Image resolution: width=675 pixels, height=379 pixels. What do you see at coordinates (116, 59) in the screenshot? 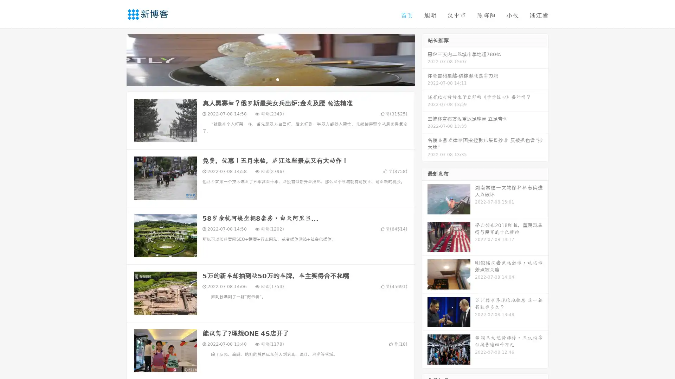
I see `Previous slide` at bounding box center [116, 59].